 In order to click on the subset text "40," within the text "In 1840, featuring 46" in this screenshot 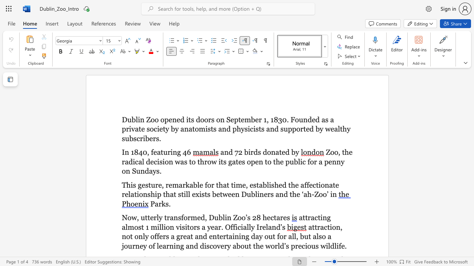, I will do `click(138, 152)`.